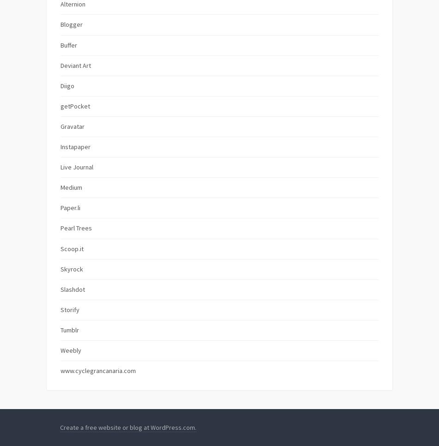  Describe the element at coordinates (72, 24) in the screenshot. I see `'Blogger'` at that location.